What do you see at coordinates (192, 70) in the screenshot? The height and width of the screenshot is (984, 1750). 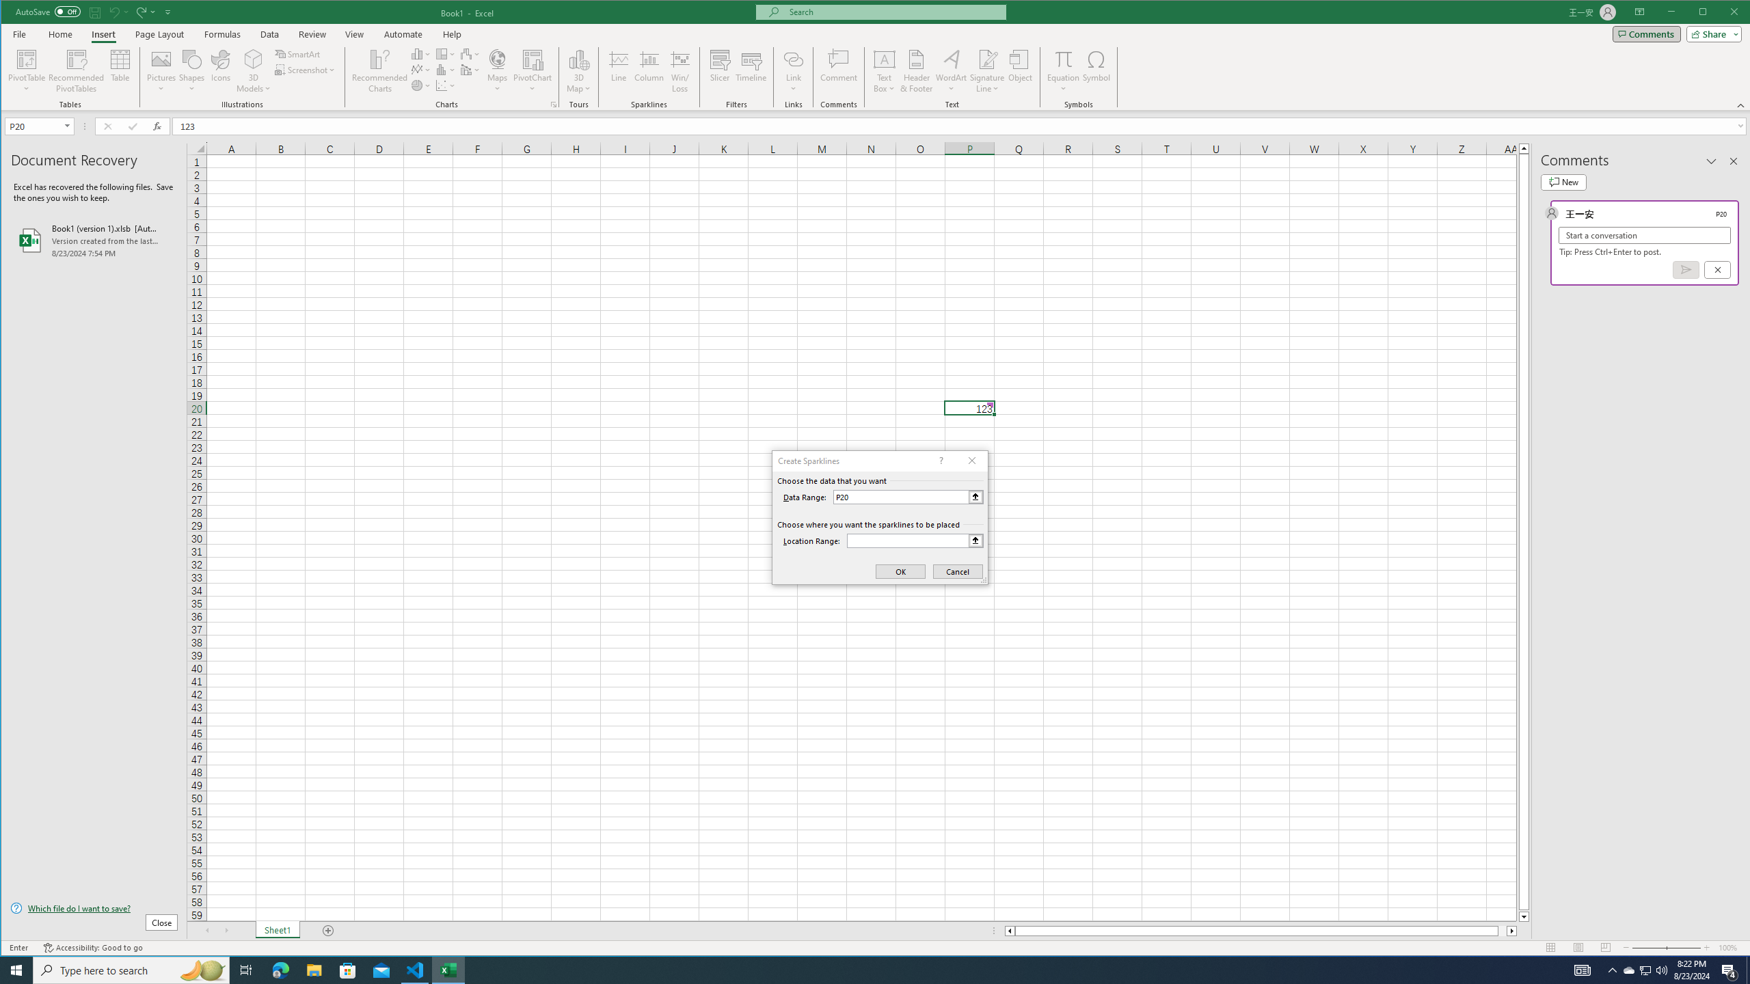 I see `'Shapes'` at bounding box center [192, 70].